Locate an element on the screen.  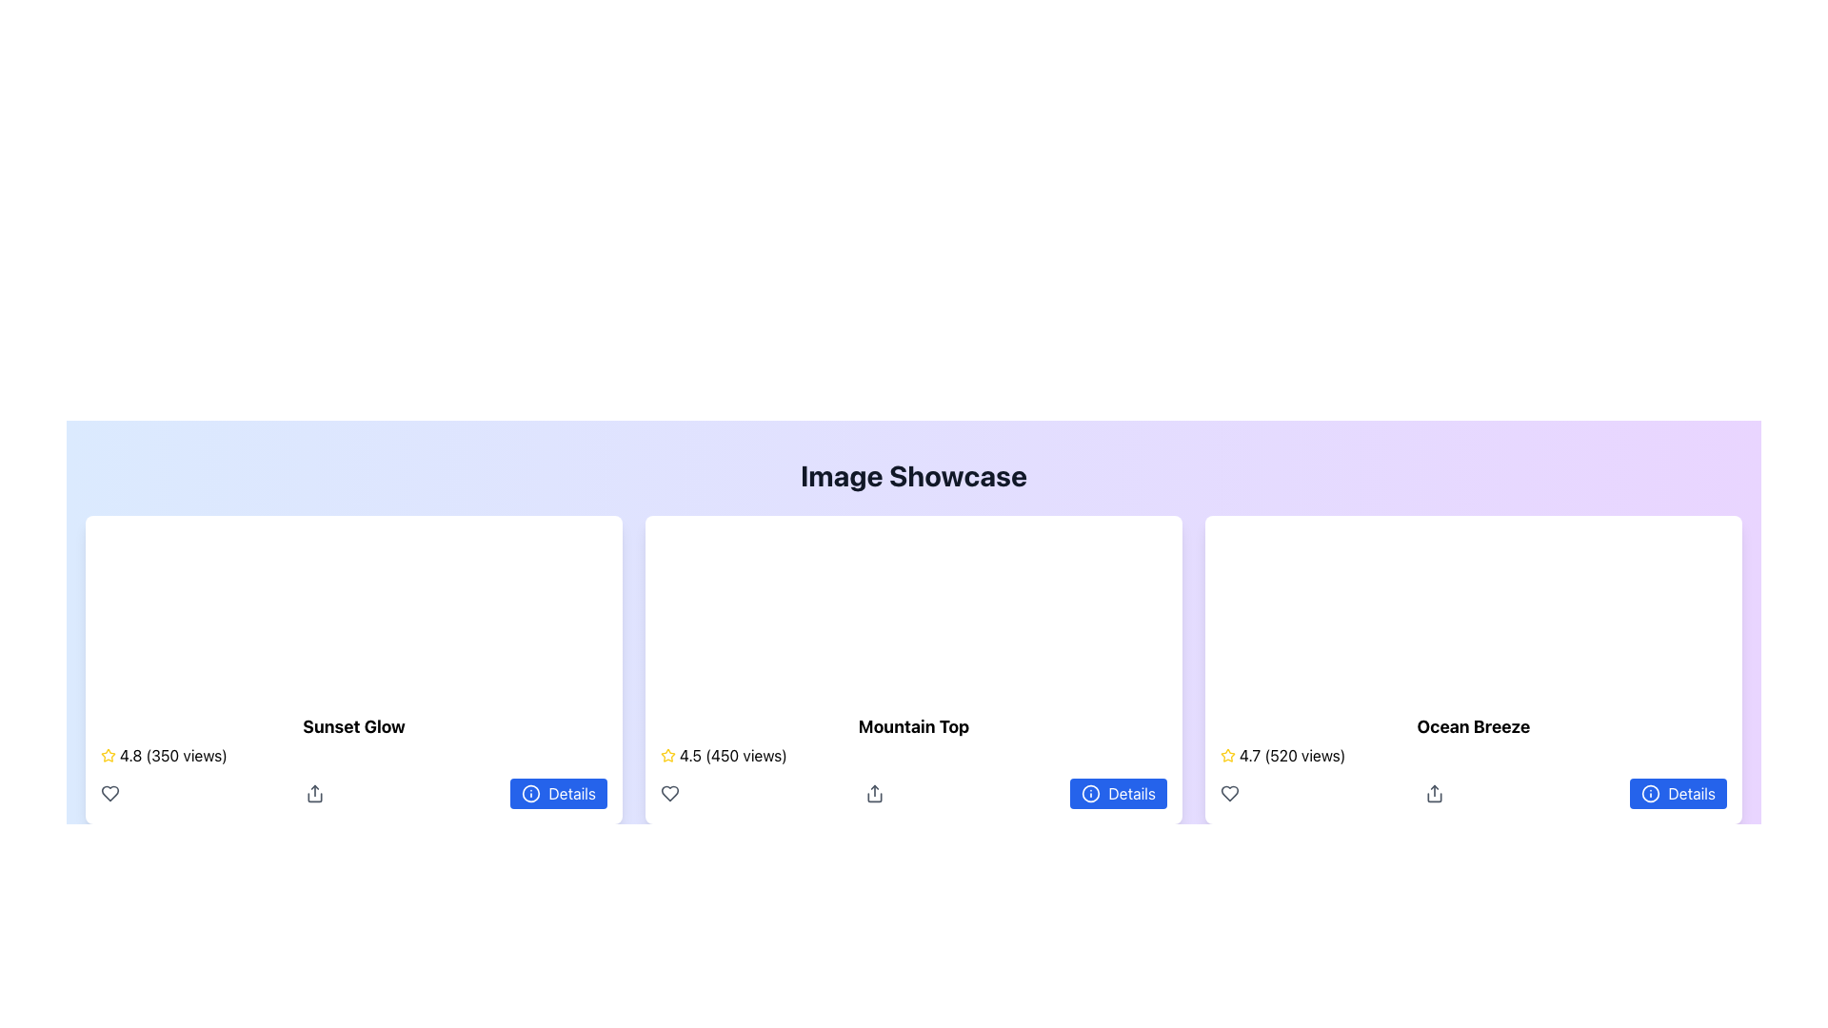
the text element that summarizes the rating and number of views for the item in the leftmost card, located just under the star icon is located at coordinates (173, 755).